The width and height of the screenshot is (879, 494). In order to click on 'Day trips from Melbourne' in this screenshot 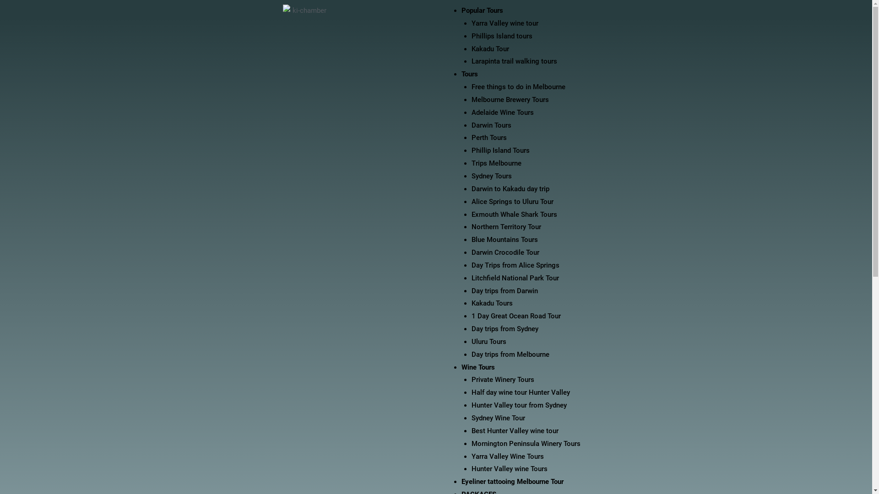, I will do `click(510, 354)`.